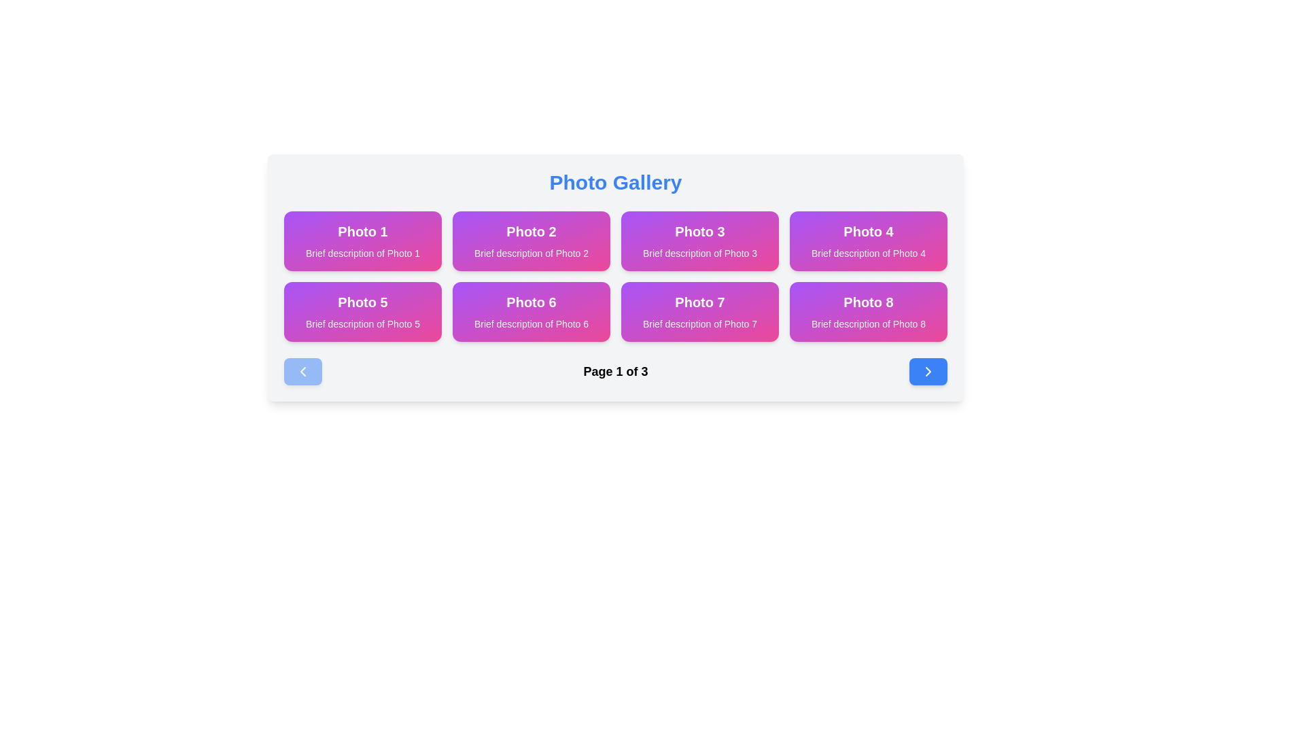  I want to click on the label providing additional context for the photo titled 'Photo 6', located below the heading in the second row, third column of the grid, so click(531, 324).